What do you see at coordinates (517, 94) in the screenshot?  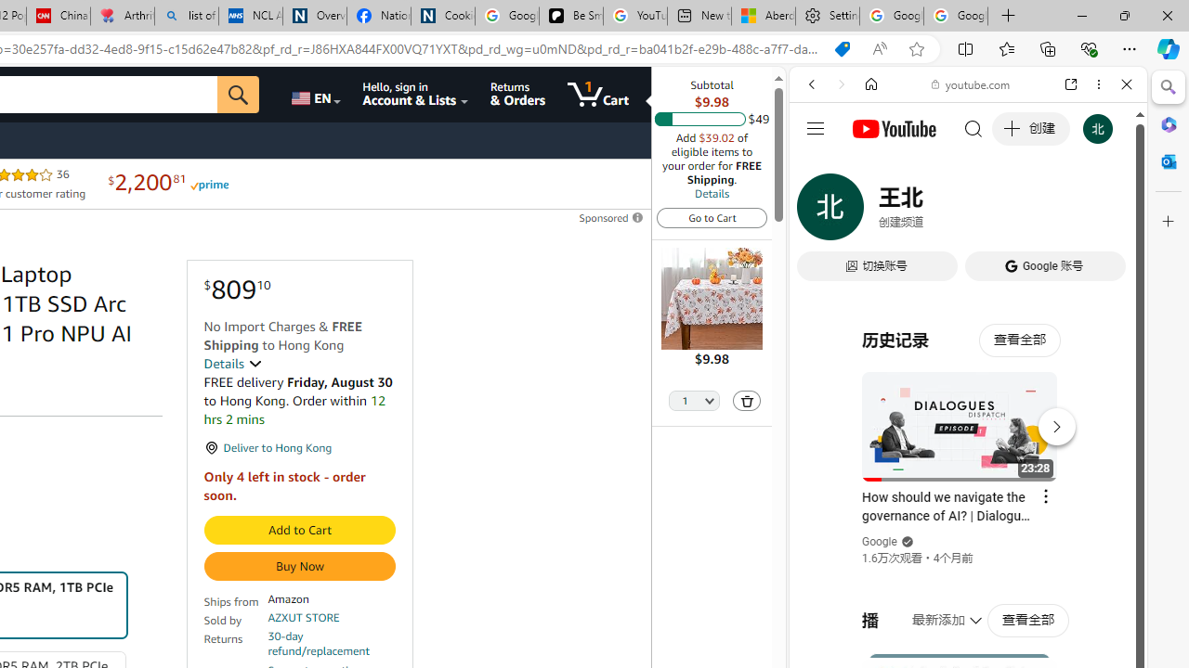 I see `'Returns & Orders'` at bounding box center [517, 94].